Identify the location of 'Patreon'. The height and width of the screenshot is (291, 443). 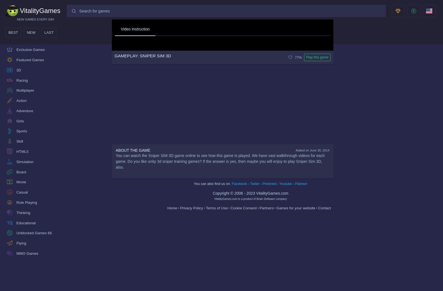
(301, 184).